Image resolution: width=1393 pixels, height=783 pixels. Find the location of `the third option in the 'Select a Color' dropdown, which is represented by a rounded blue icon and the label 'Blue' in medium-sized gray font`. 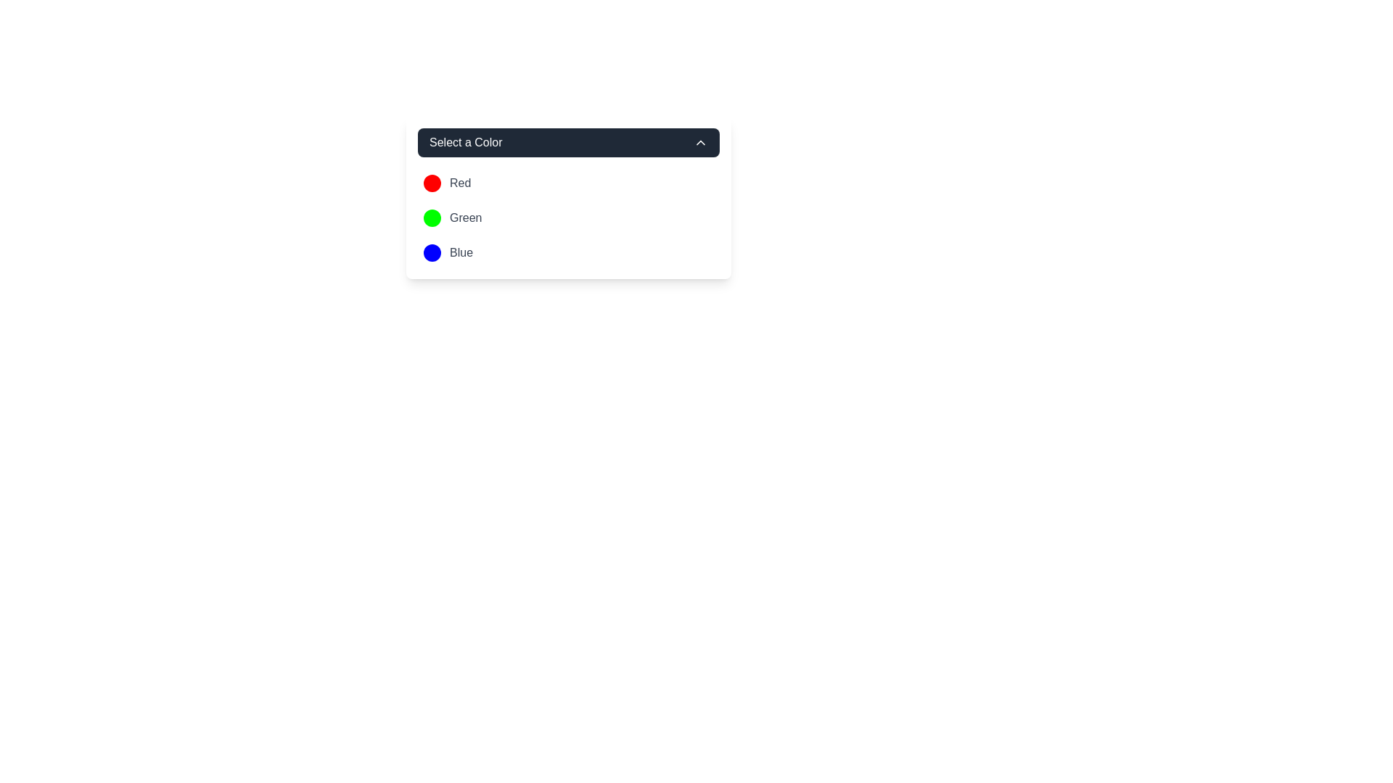

the third option in the 'Select a Color' dropdown, which is represented by a rounded blue icon and the label 'Blue' in medium-sized gray font is located at coordinates (448, 252).